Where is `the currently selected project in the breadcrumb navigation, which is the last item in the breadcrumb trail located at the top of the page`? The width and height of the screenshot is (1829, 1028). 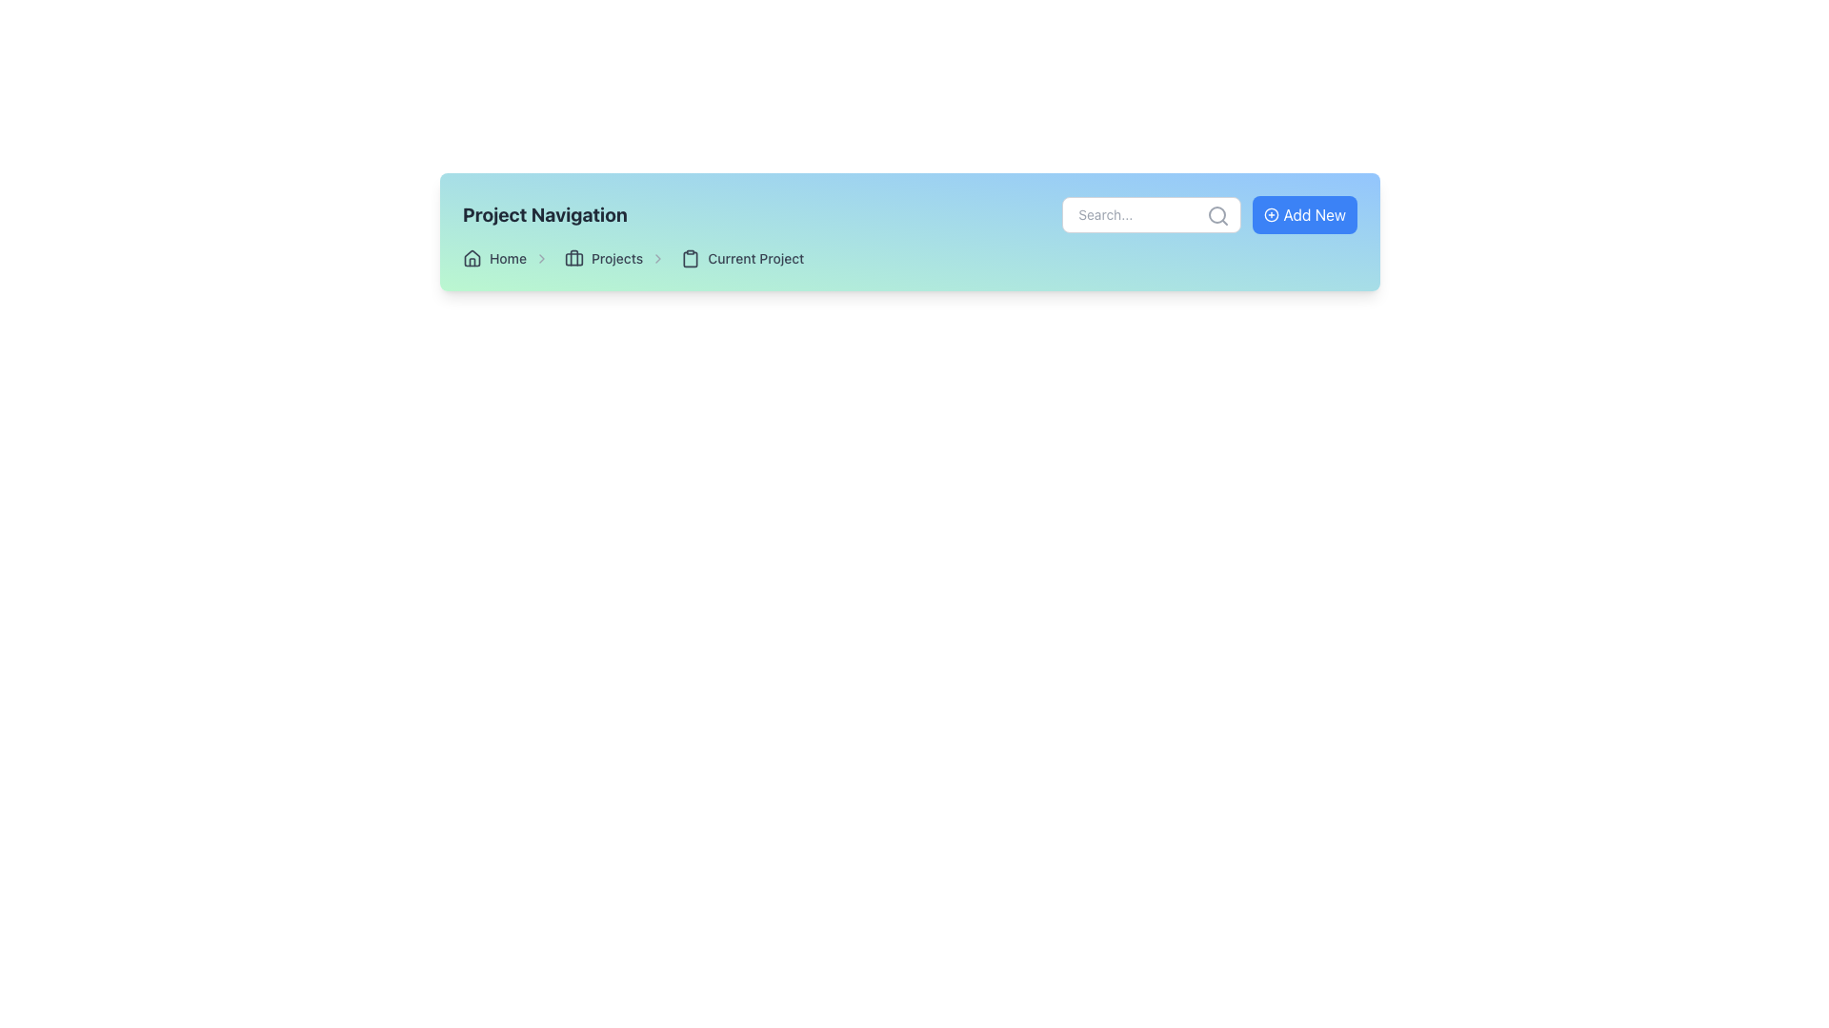 the currently selected project in the breadcrumb navigation, which is the last item in the breadcrumb trail located at the top of the page is located at coordinates (741, 259).